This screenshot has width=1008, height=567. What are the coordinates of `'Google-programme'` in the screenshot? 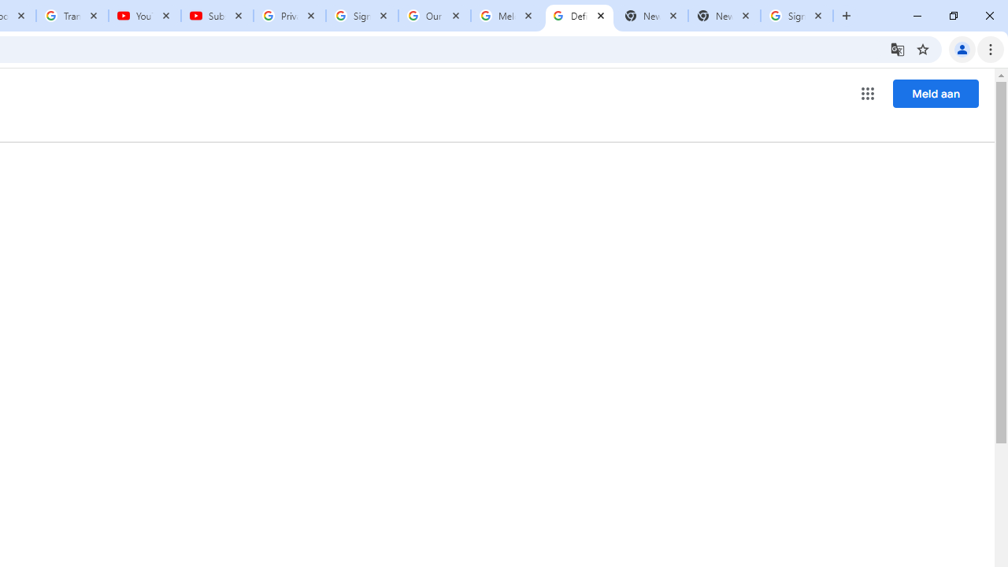 It's located at (867, 94).